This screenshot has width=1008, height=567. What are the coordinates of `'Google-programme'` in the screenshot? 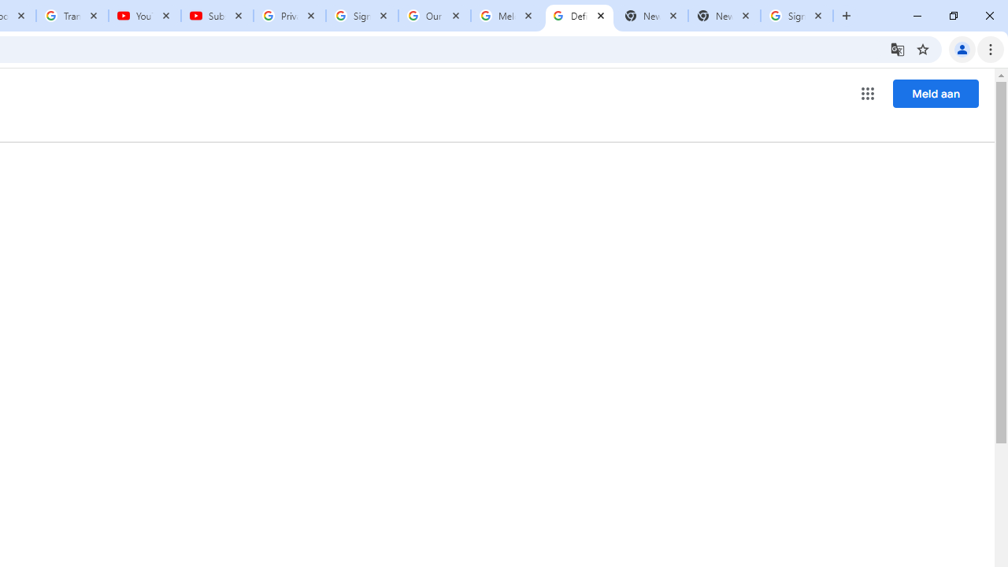 It's located at (867, 94).